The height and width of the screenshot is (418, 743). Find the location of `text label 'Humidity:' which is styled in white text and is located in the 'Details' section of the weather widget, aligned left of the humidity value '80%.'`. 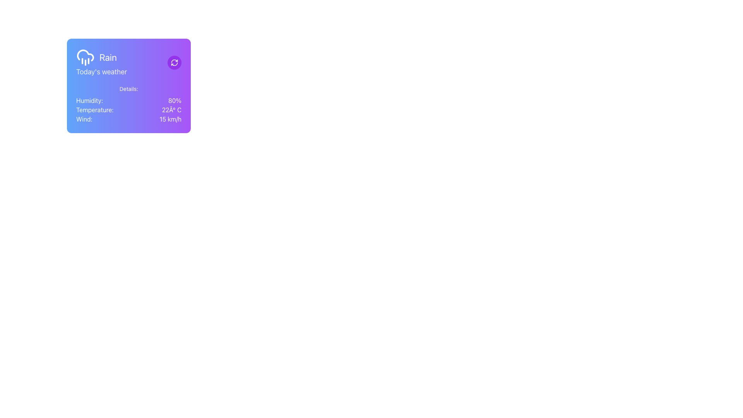

text label 'Humidity:' which is styled in white text and is located in the 'Details' section of the weather widget, aligned left of the humidity value '80%.' is located at coordinates (89, 100).